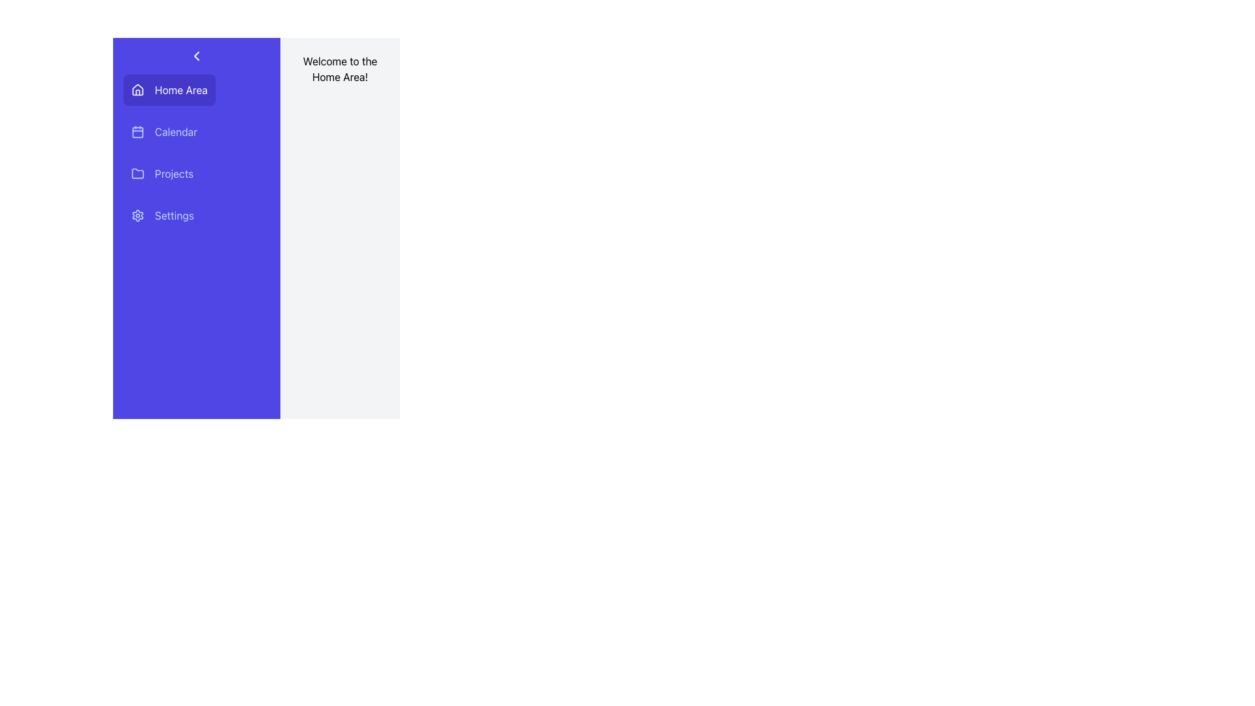 The width and height of the screenshot is (1255, 706). What do you see at coordinates (161, 173) in the screenshot?
I see `the 'Projects' button, which is the third option in the sidebar menu, located below the 'Calendar' option and above the 'Settings' option` at bounding box center [161, 173].